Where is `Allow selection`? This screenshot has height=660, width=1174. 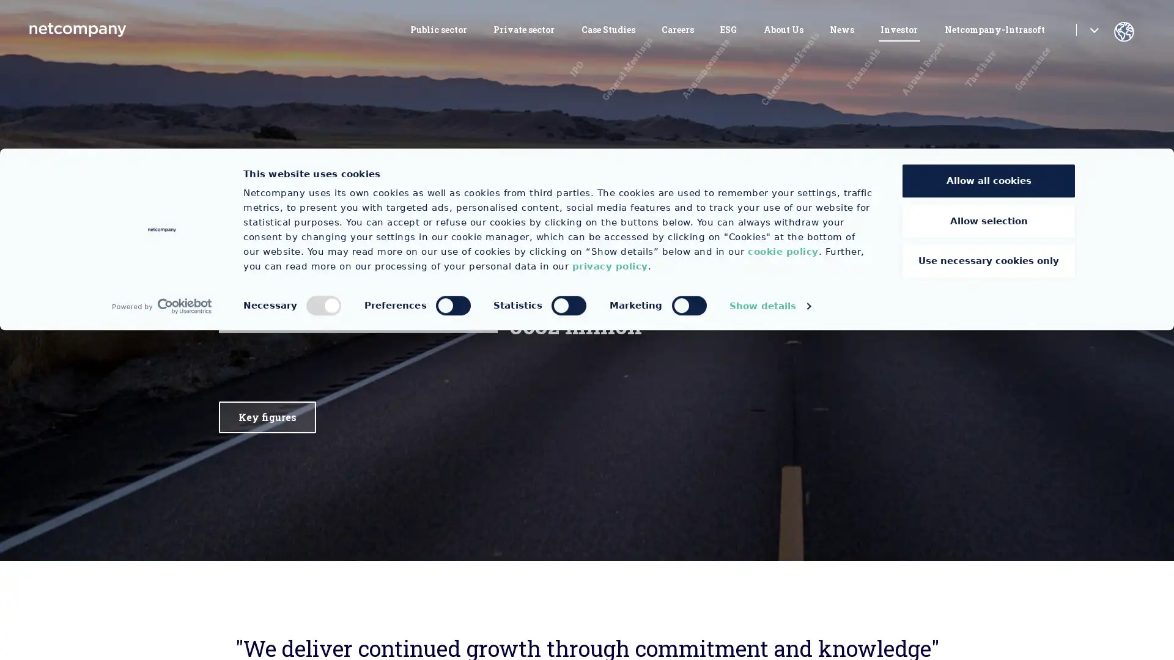 Allow selection is located at coordinates (989, 551).